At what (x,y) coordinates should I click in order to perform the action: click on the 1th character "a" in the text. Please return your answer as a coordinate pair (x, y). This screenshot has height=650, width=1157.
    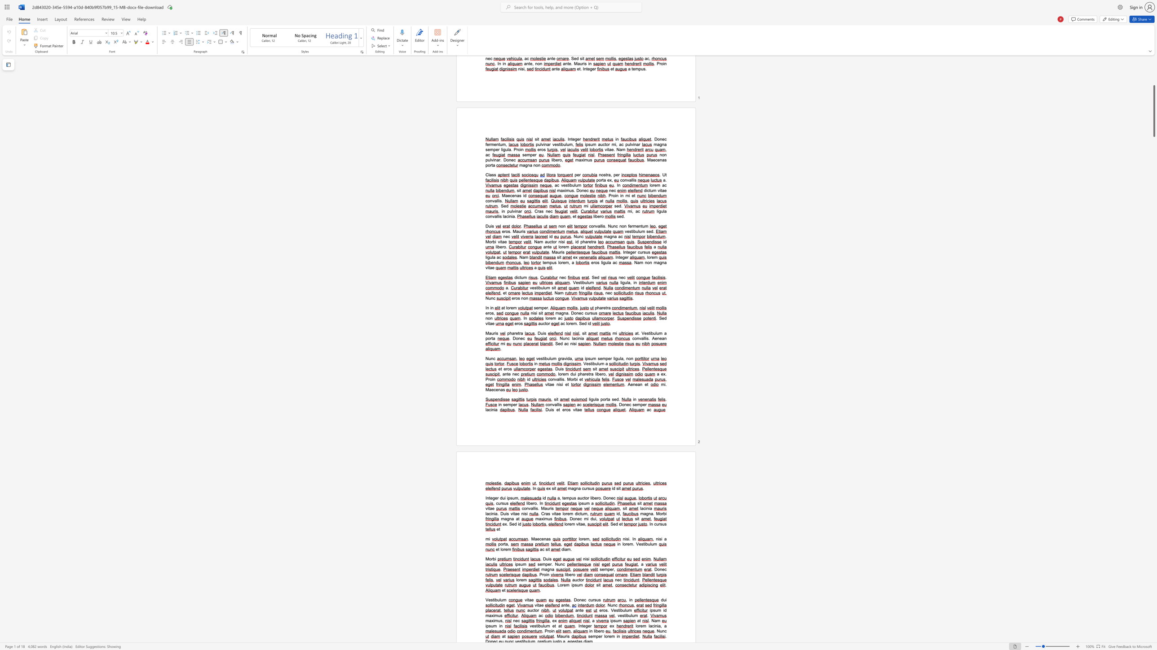
    Looking at the image, I should click on (606, 363).